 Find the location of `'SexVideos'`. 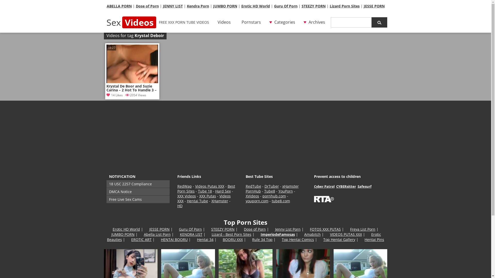

'SexVideos' is located at coordinates (131, 22).